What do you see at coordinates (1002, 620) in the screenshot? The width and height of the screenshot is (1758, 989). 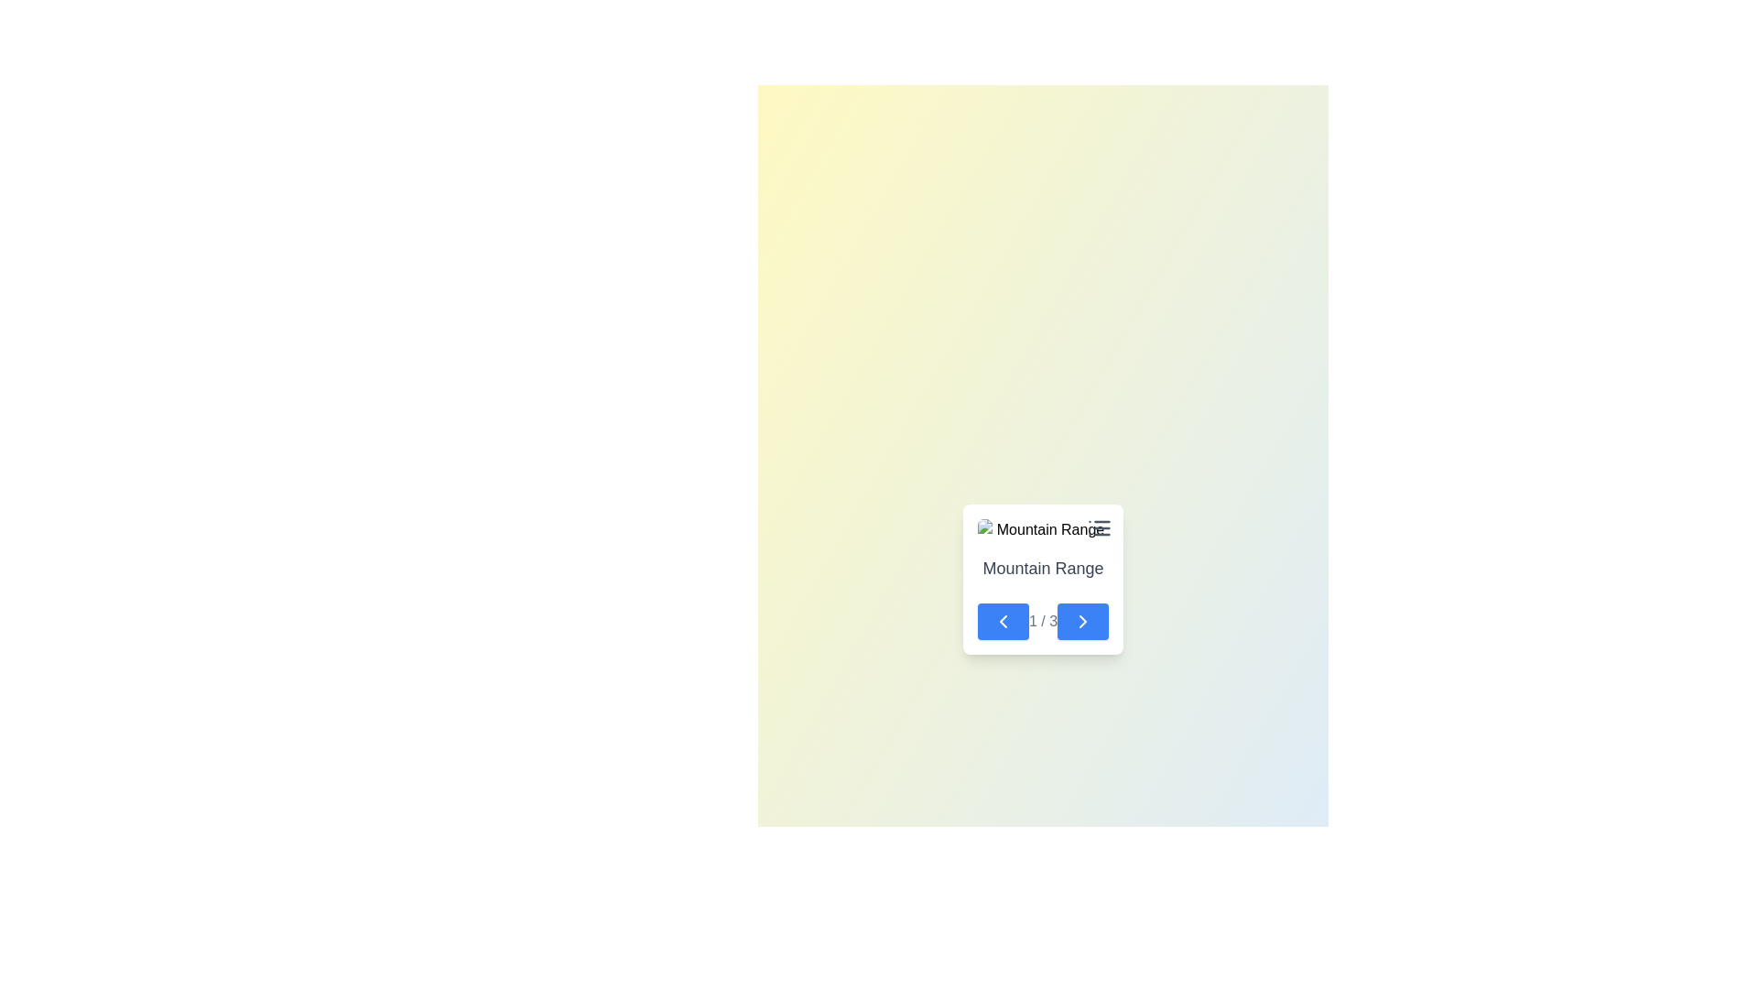 I see `the vibrant blue button with a left-pointing white chevron located at the bottom of the card-like UI section` at bounding box center [1002, 620].